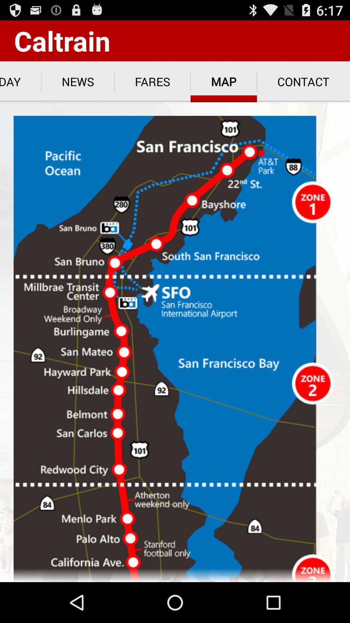  I want to click on app below caltrain, so click(20, 81).